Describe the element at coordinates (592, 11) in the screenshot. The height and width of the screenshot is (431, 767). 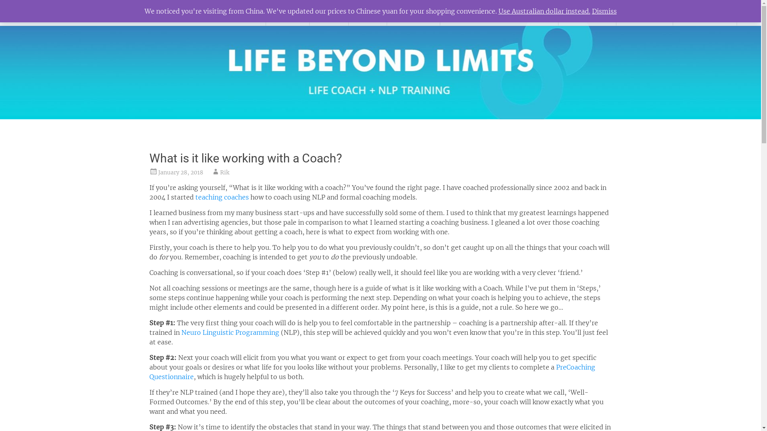
I see `'Dismiss'` at that location.